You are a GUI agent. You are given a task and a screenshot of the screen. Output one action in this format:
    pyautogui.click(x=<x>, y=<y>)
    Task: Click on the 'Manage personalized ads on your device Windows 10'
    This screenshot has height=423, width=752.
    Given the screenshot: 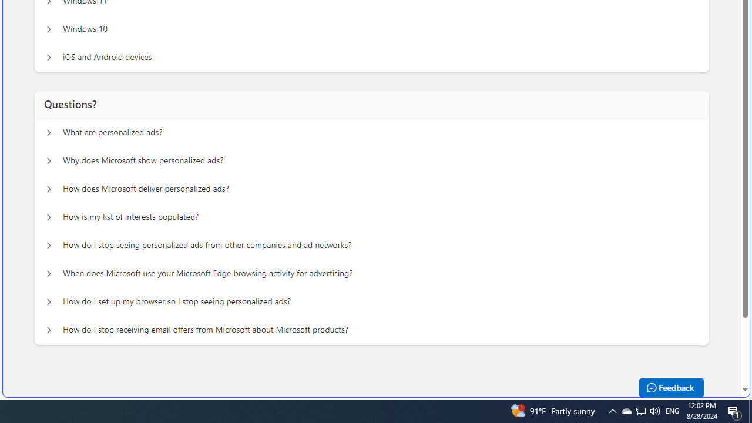 What is the action you would take?
    pyautogui.click(x=48, y=29)
    